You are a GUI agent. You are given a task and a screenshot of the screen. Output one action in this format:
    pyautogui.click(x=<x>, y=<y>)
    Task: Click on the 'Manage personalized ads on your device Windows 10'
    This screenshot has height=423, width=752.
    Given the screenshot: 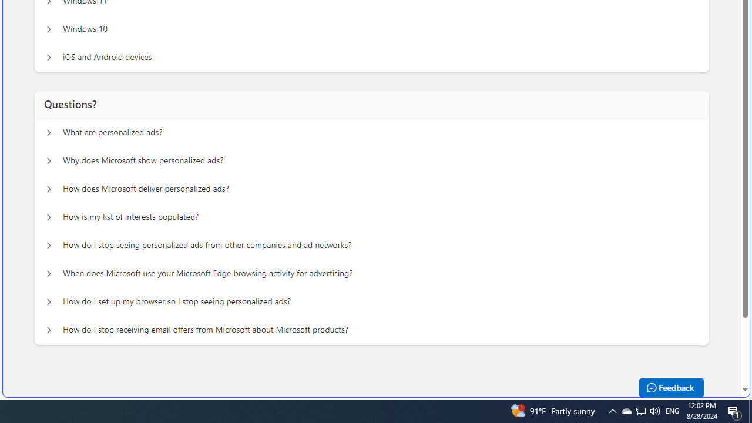 What is the action you would take?
    pyautogui.click(x=48, y=29)
    